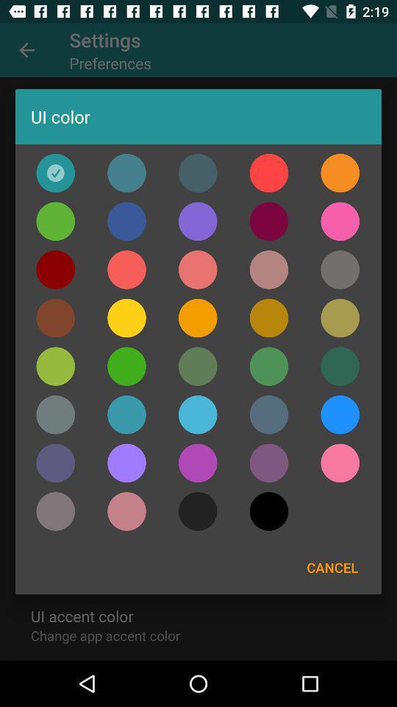 This screenshot has width=397, height=707. What do you see at coordinates (332, 566) in the screenshot?
I see `the cancel` at bounding box center [332, 566].